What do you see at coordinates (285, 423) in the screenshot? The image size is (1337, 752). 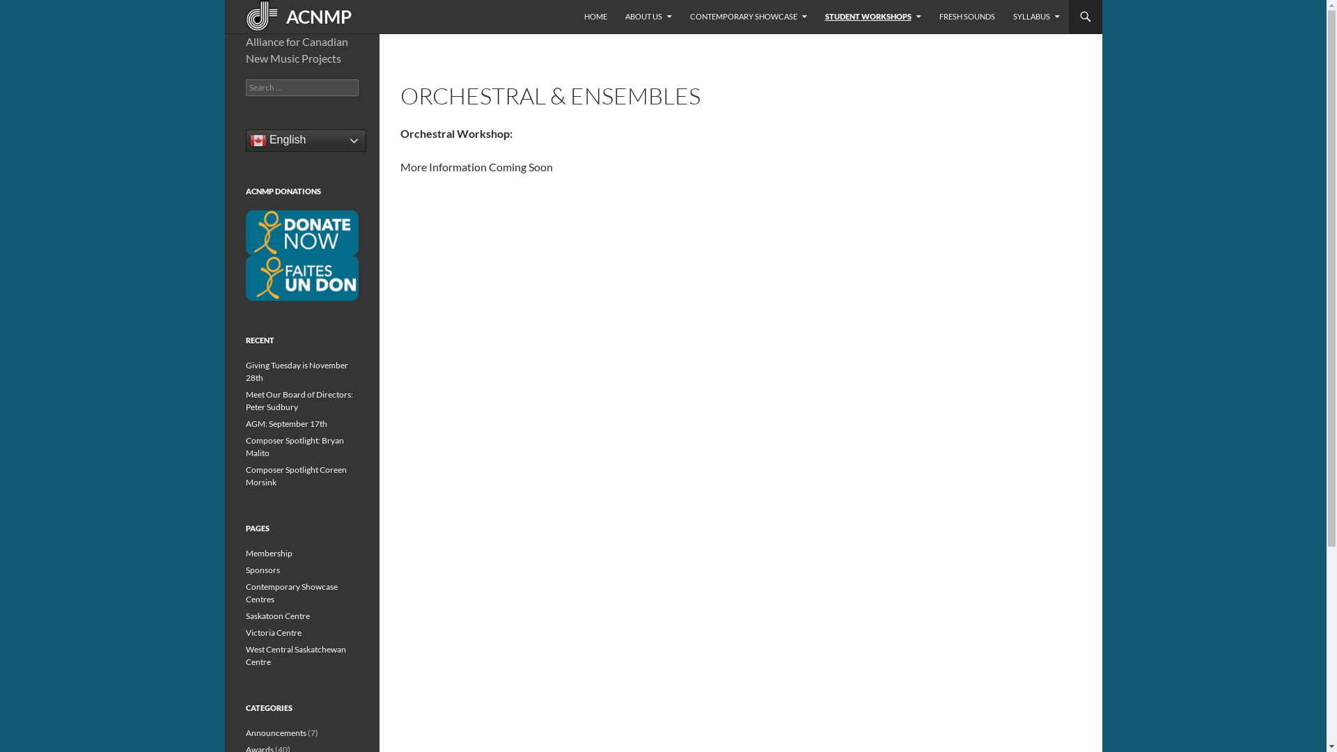 I see `'AGM: September 17th'` at bounding box center [285, 423].